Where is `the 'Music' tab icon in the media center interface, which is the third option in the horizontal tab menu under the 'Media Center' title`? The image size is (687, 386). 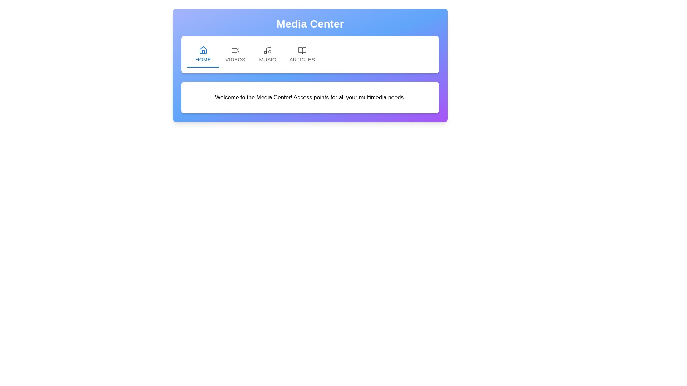
the 'Music' tab icon in the media center interface, which is the third option in the horizontal tab menu under the 'Media Center' title is located at coordinates (267, 50).